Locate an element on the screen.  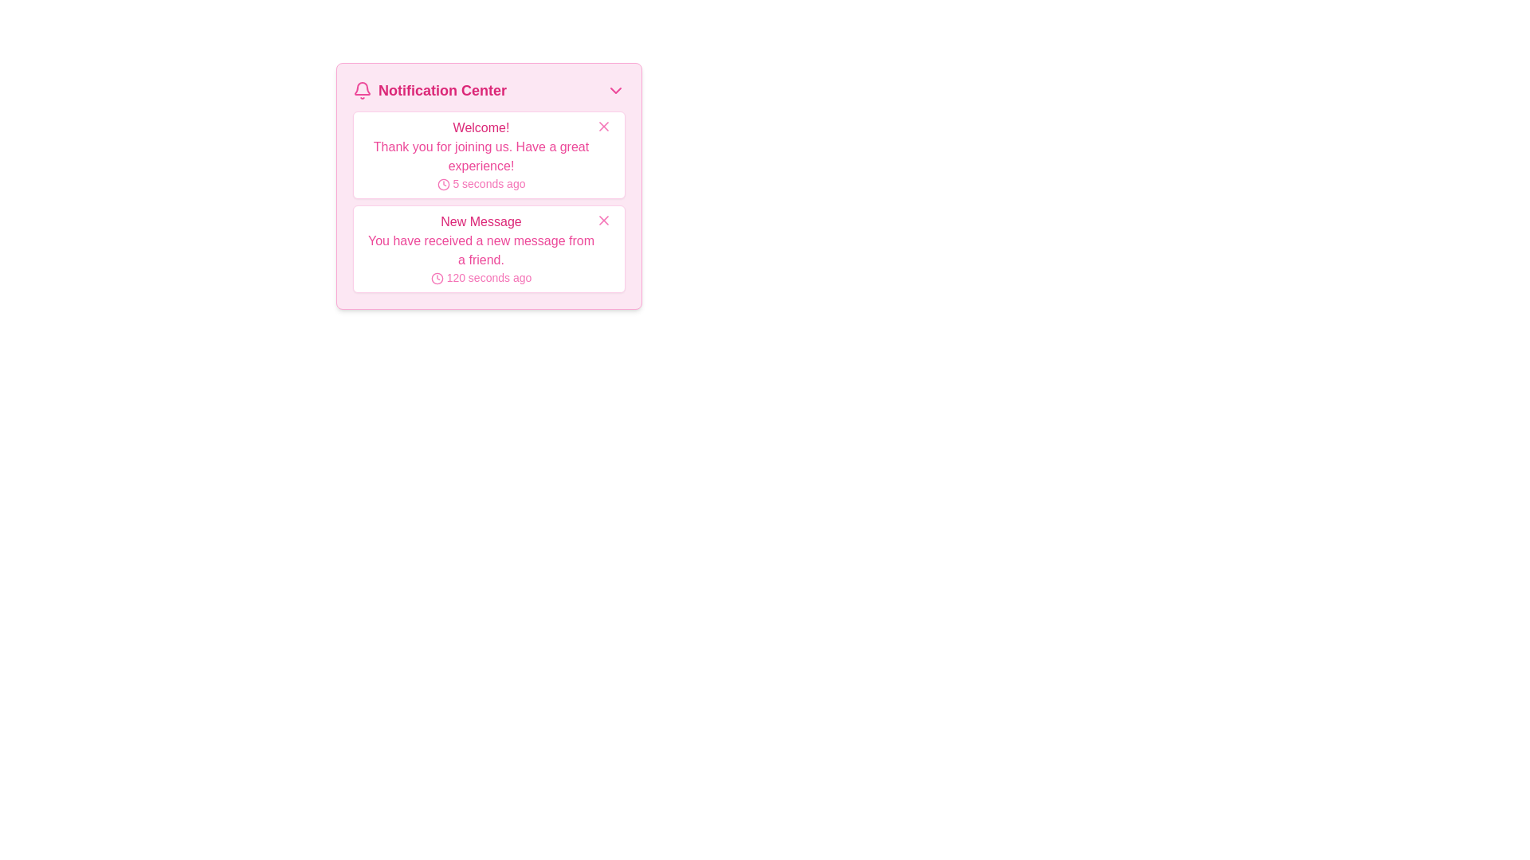
the larger SVG circle element that serves as the background of the clock icon in the pink-themed Notification Center panel is located at coordinates (437, 278).